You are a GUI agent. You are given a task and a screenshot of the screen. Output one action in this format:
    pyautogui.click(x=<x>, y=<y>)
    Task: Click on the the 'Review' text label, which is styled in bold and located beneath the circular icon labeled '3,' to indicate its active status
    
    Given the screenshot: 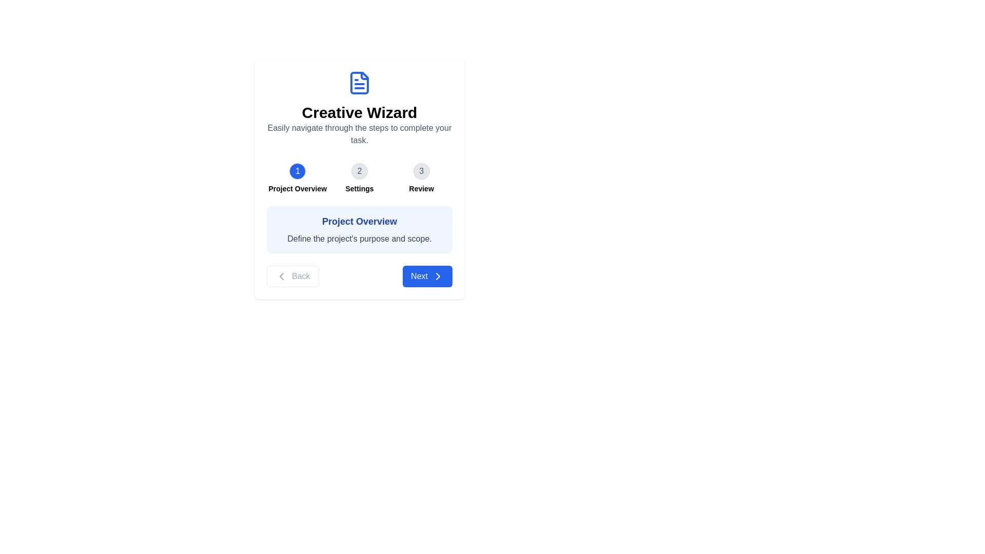 What is the action you would take?
    pyautogui.click(x=421, y=188)
    